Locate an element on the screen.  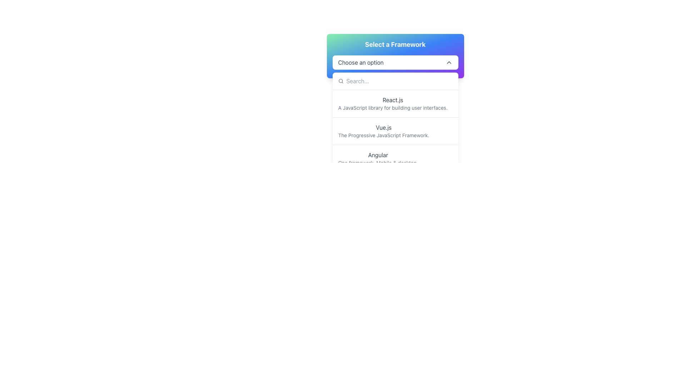
the descriptive Text label positioned below the 'Vue.js' heading, which serves to provide additional context is located at coordinates (383, 135).